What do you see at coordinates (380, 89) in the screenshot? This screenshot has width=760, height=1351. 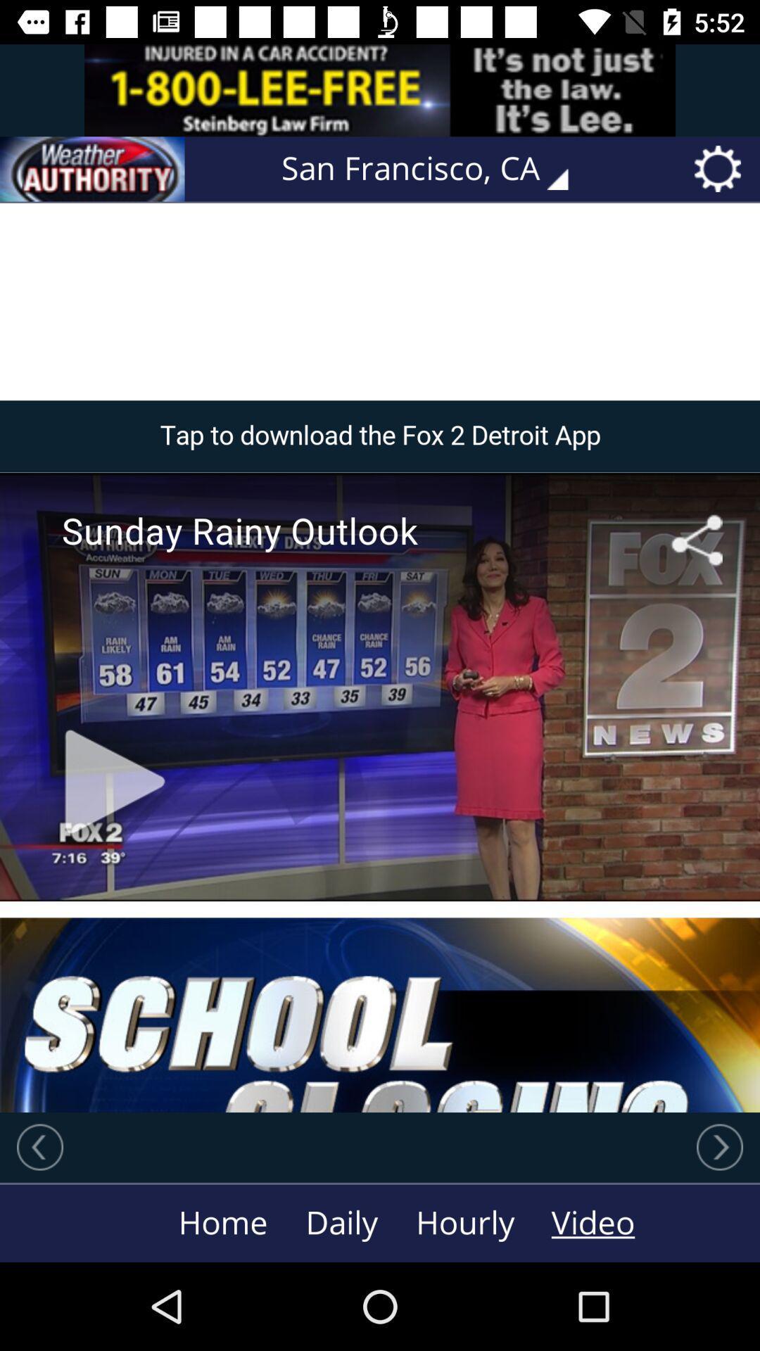 I see `link to advertisement` at bounding box center [380, 89].